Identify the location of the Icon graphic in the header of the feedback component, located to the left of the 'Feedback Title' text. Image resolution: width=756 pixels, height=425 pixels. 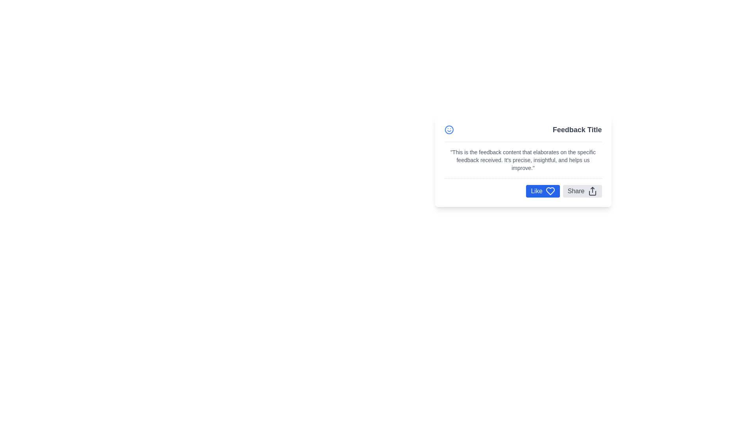
(449, 129).